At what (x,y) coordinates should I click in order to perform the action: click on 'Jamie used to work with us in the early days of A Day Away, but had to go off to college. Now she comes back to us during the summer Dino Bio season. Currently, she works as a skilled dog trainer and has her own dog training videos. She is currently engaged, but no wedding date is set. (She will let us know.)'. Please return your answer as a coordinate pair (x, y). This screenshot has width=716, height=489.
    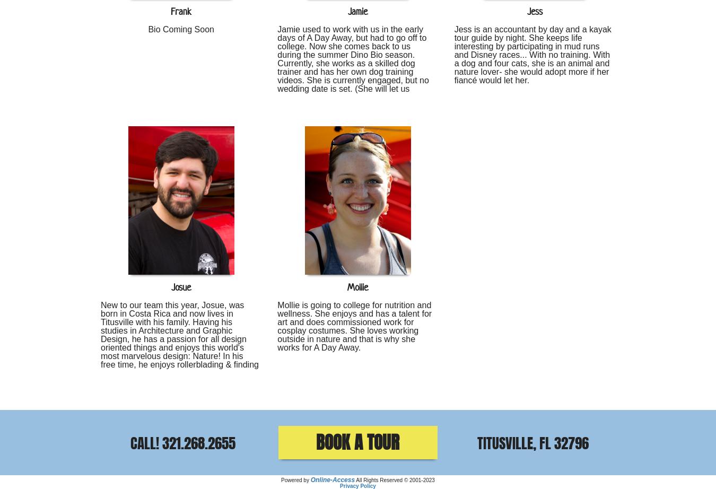
    Looking at the image, I should click on (353, 63).